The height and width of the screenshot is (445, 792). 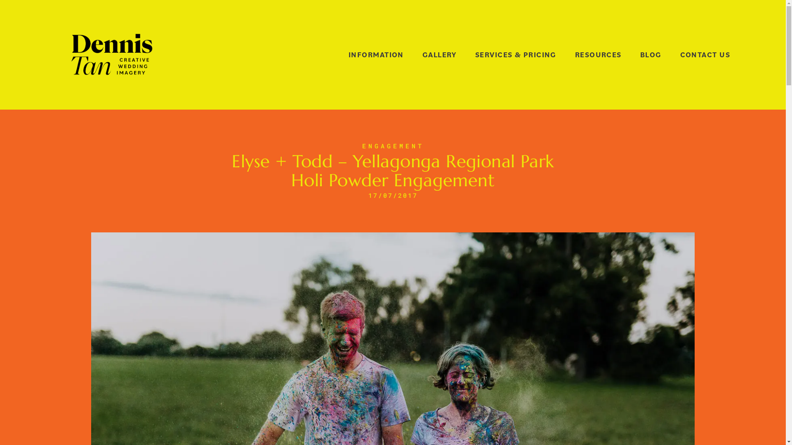 What do you see at coordinates (348, 55) in the screenshot?
I see `'INFORMATION'` at bounding box center [348, 55].